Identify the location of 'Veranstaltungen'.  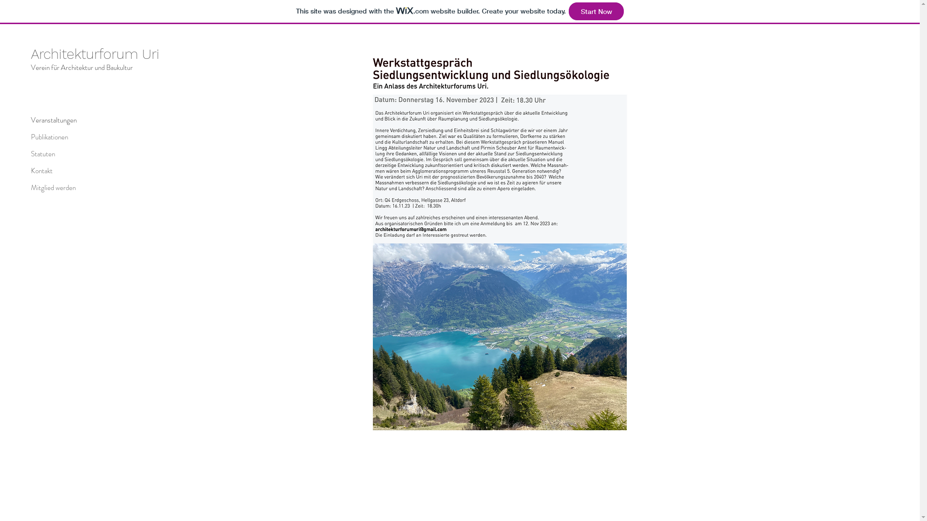
(64, 120).